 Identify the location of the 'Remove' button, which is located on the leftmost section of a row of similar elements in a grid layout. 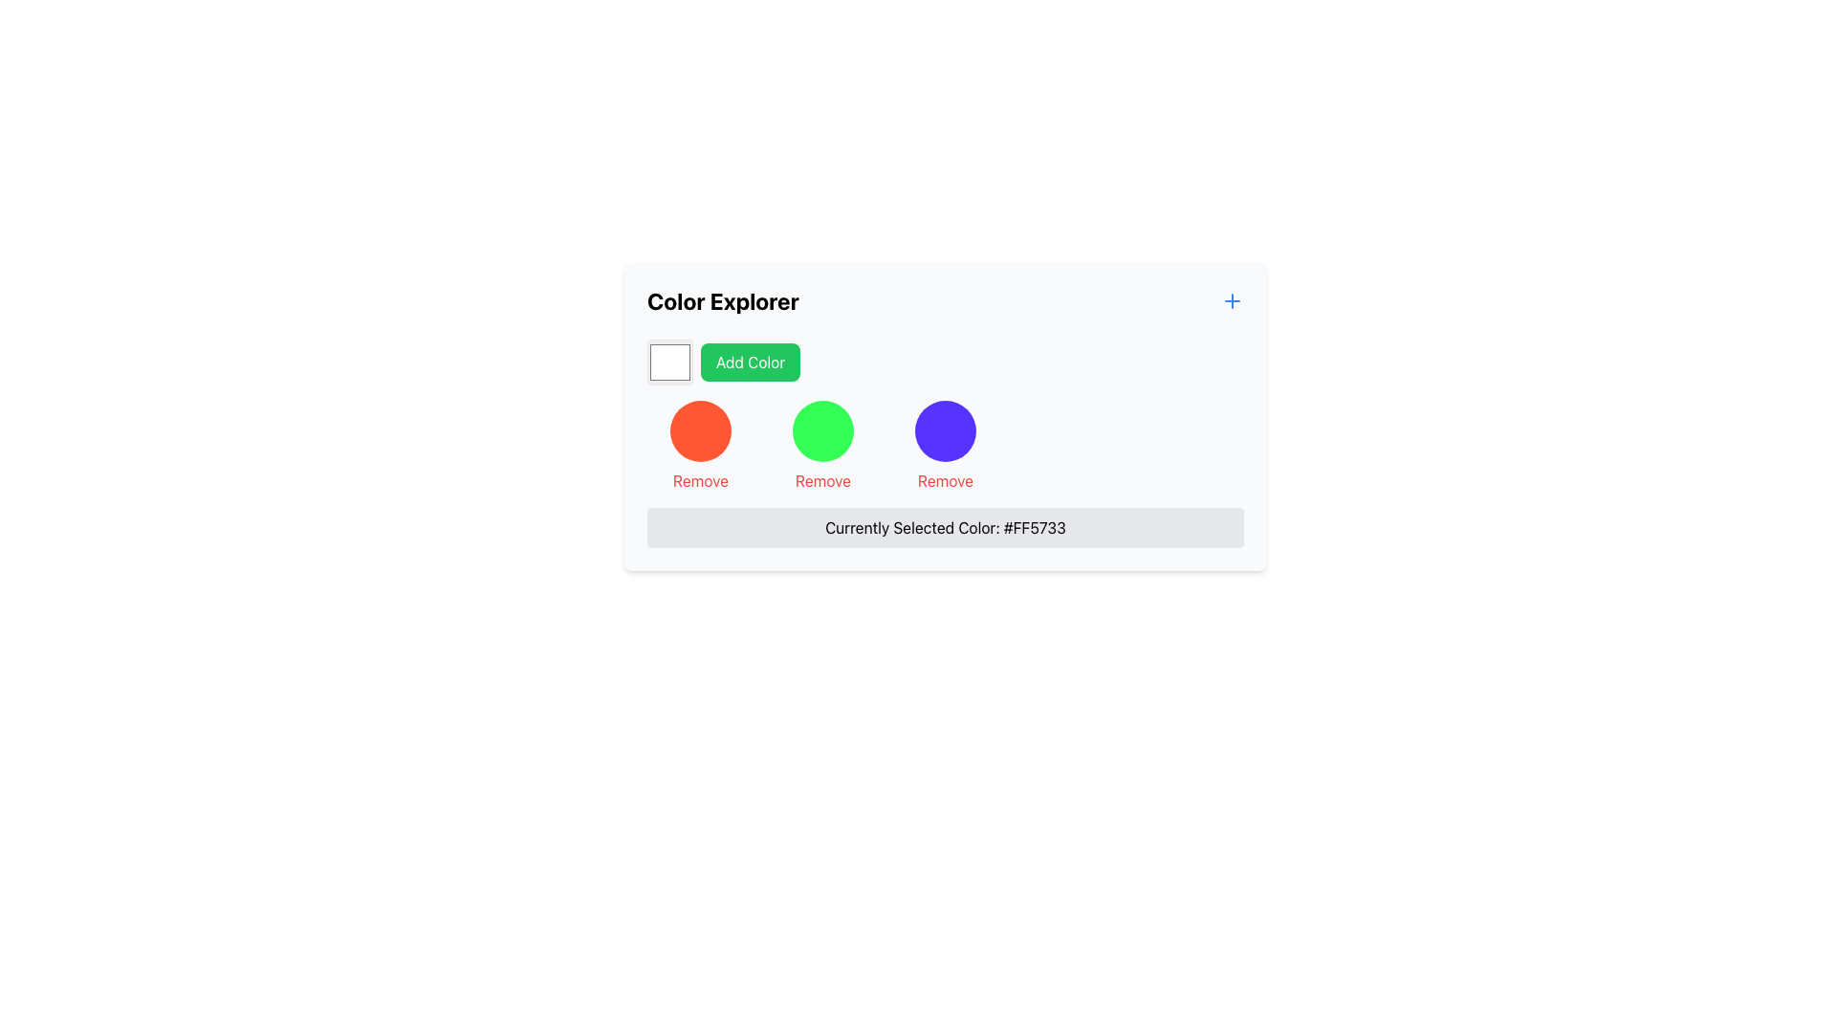
(700, 446).